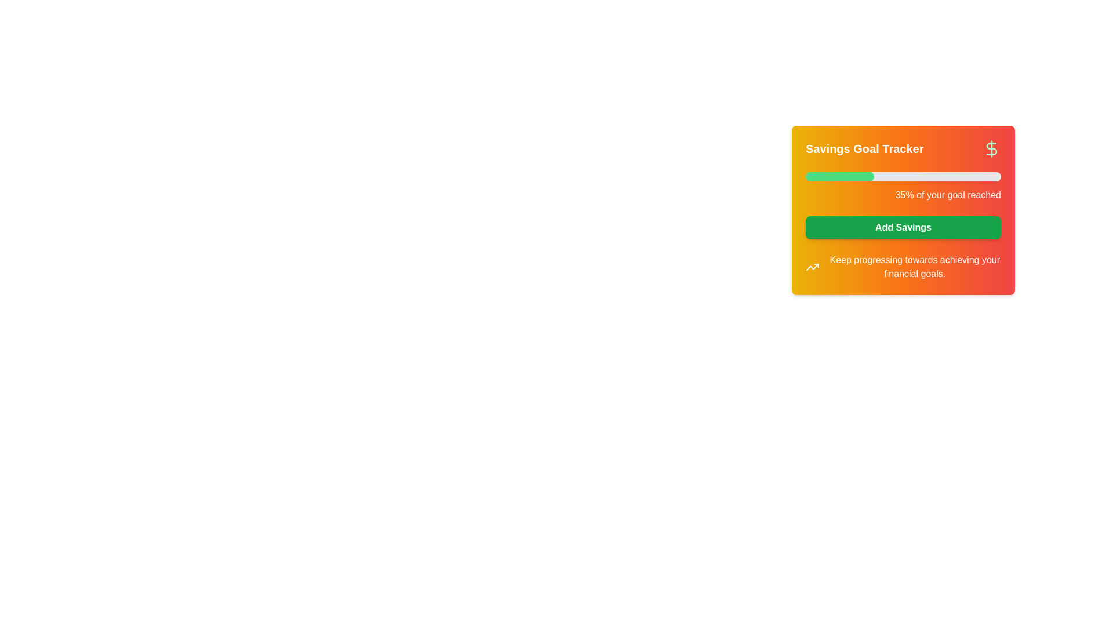 This screenshot has height=626, width=1113. What do you see at coordinates (840, 176) in the screenshot?
I see `the visually styled green progress bar that is situated horizontally within the larger light gray track, located under the 'Savings Goal Tracker' title` at bounding box center [840, 176].